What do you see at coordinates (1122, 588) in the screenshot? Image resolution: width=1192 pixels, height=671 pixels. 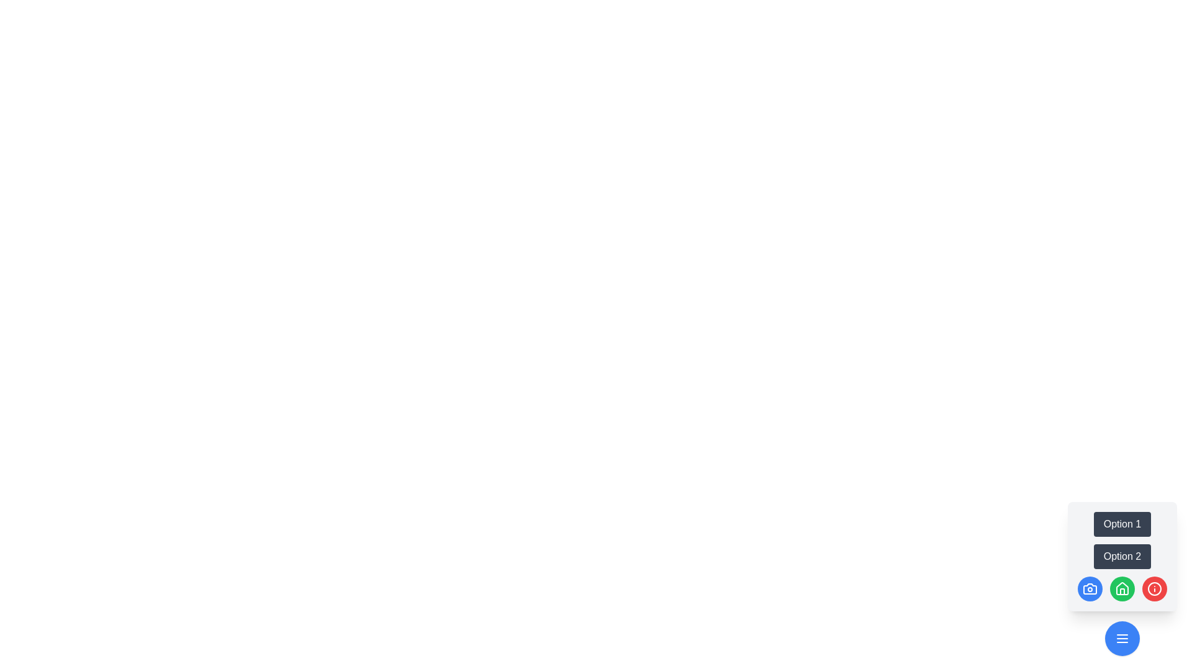 I see `the simplistic house icon button located in the bottom-right corner of the interface, which is inside a green circular button` at bounding box center [1122, 588].